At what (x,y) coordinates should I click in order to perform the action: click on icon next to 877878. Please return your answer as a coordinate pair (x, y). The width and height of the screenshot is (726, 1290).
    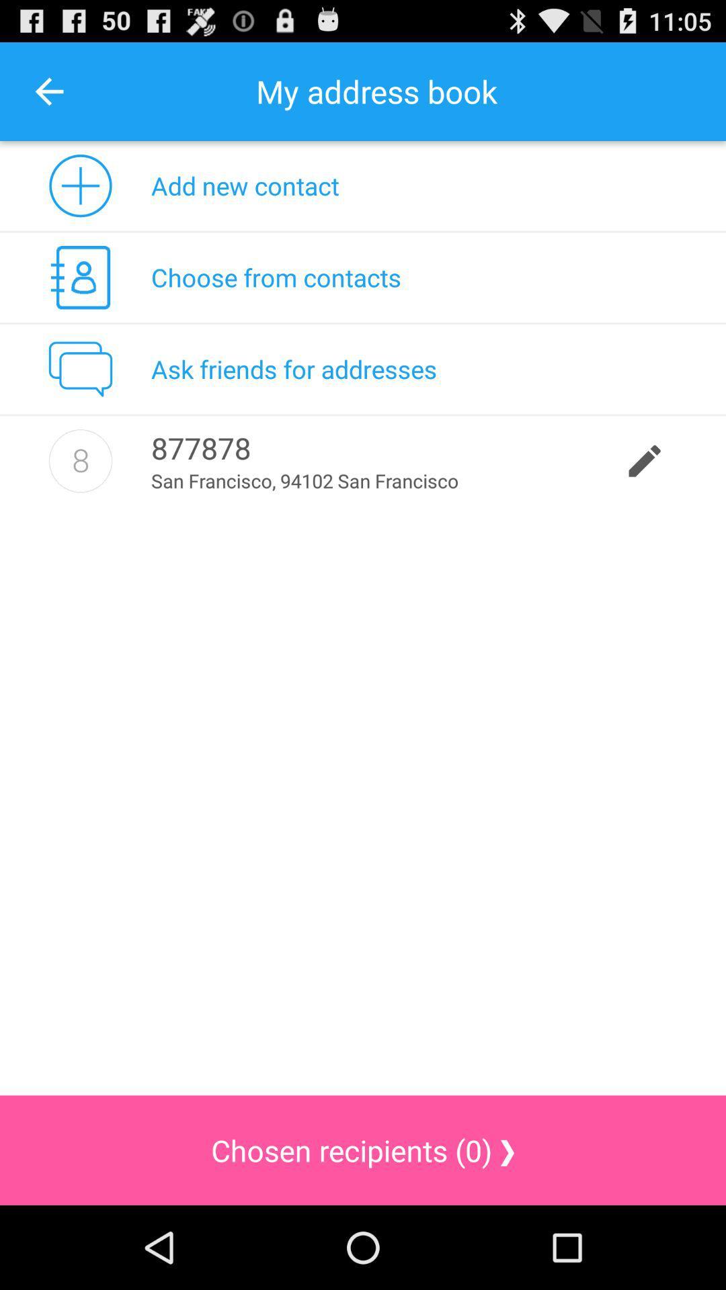
    Looking at the image, I should click on (80, 461).